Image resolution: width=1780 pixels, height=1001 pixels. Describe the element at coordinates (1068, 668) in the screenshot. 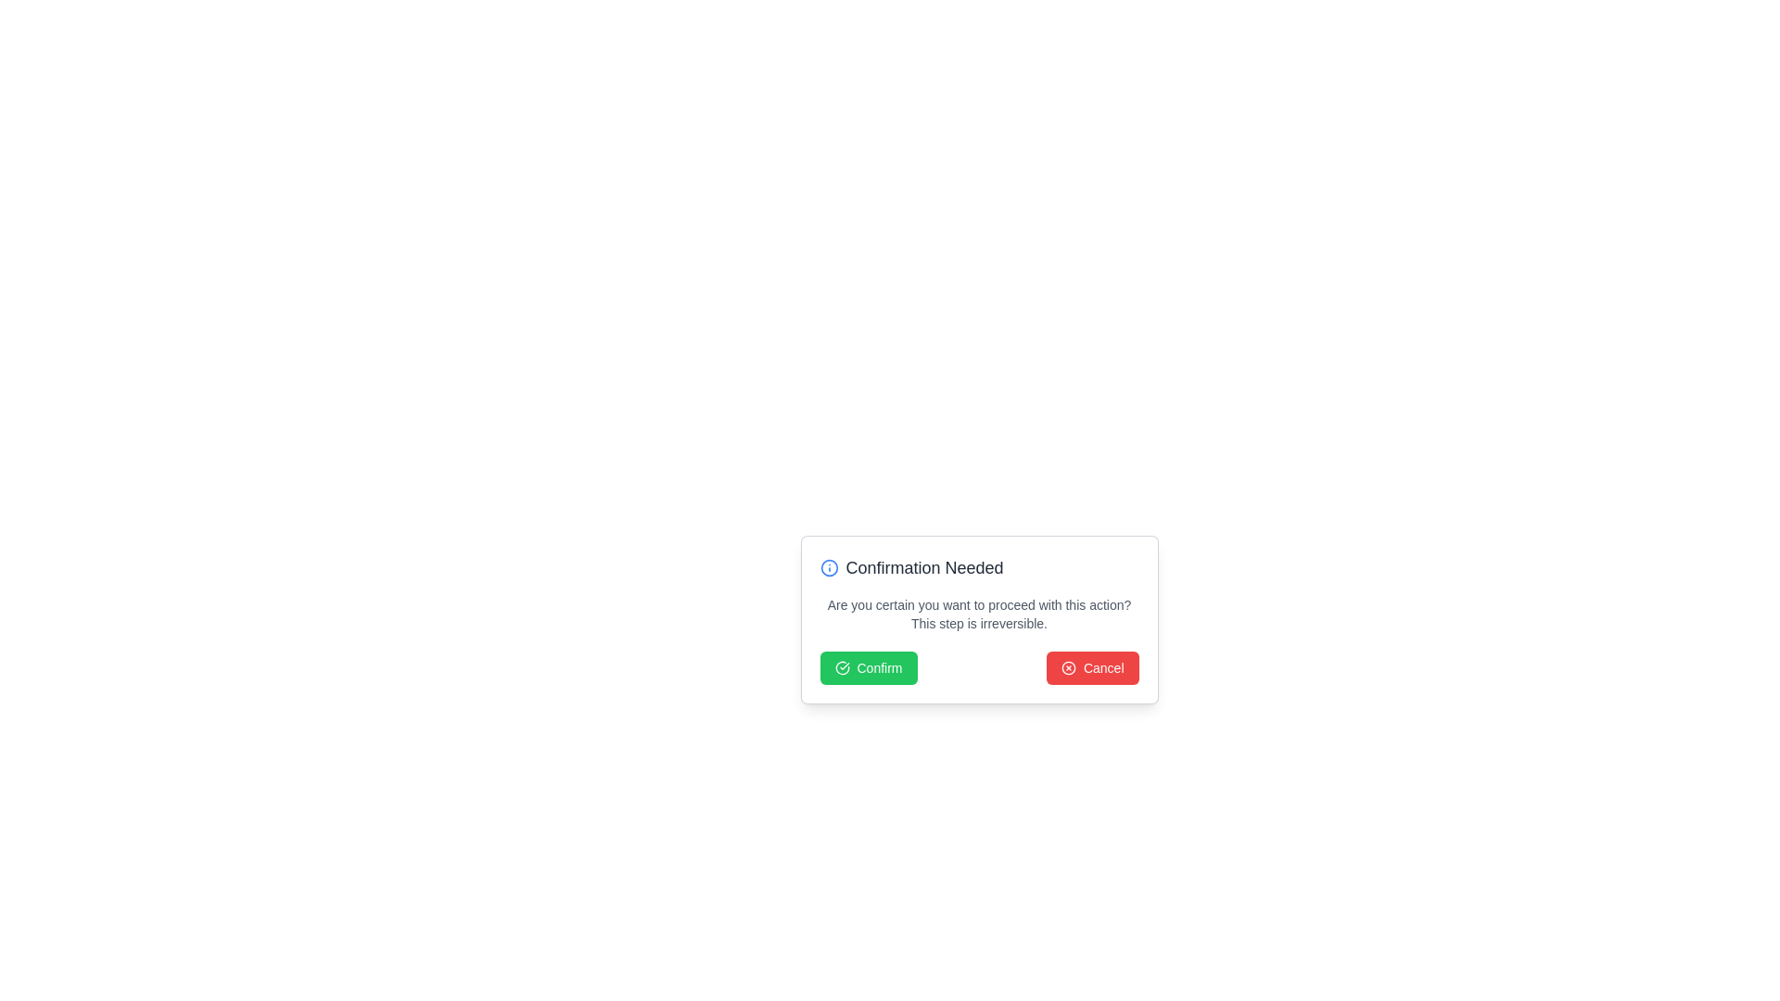

I see `the 'Cancel' button containing the white 'X' icon on a red background located in the bottom-right corner of the dialog box` at that location.